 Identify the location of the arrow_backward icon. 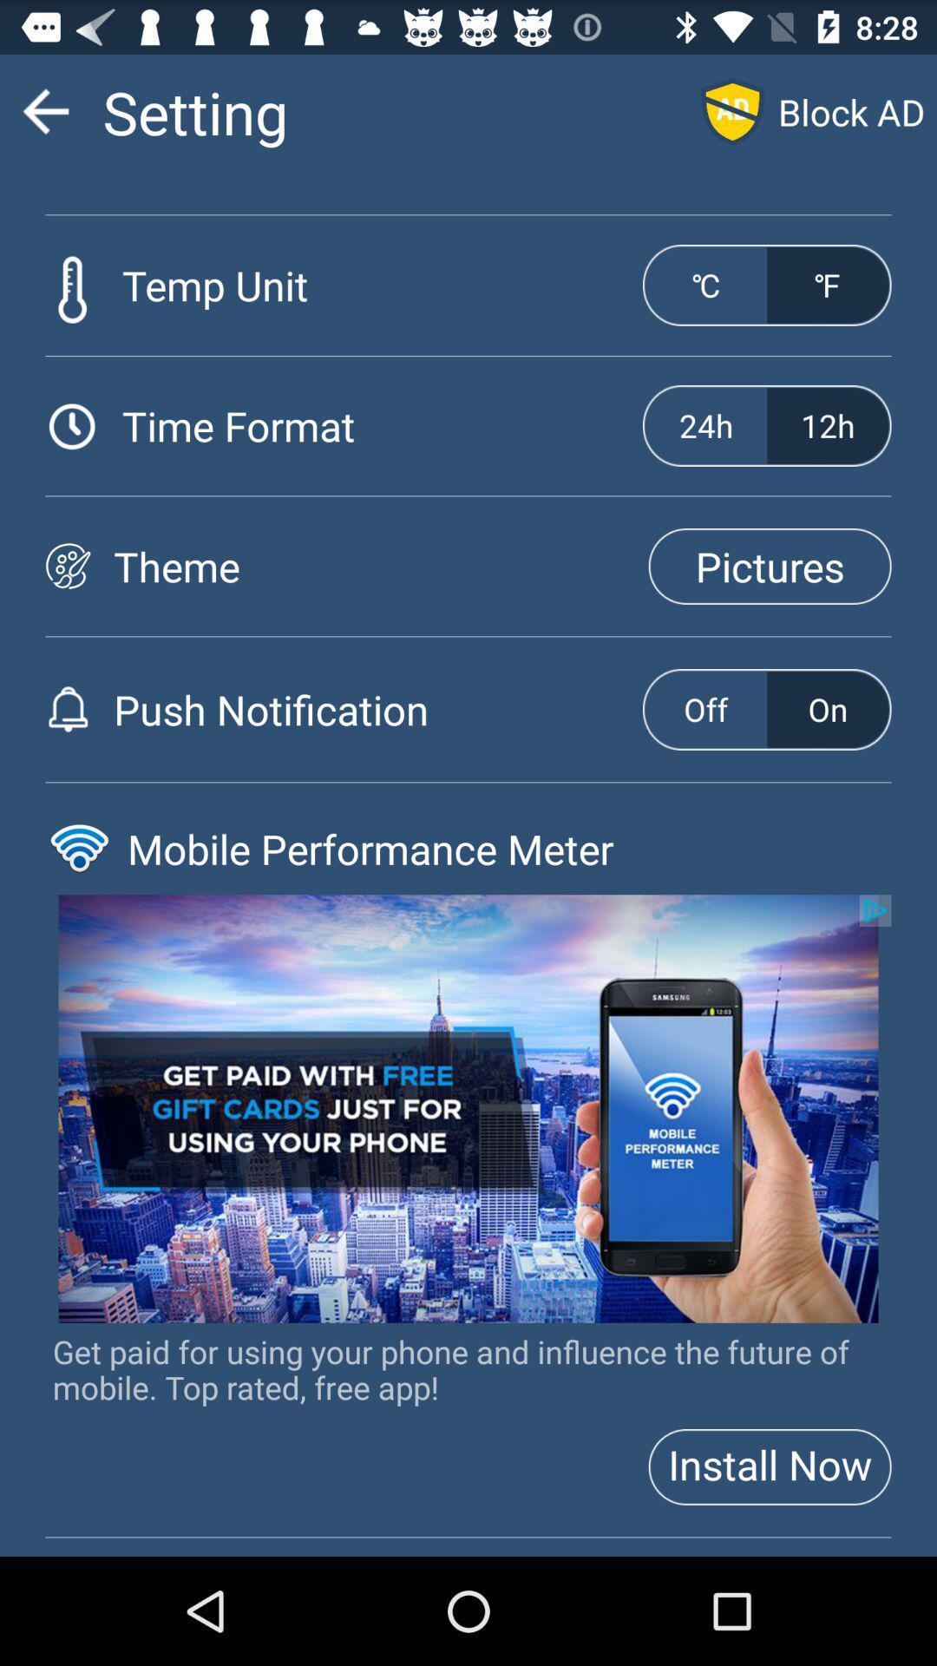
(44, 118).